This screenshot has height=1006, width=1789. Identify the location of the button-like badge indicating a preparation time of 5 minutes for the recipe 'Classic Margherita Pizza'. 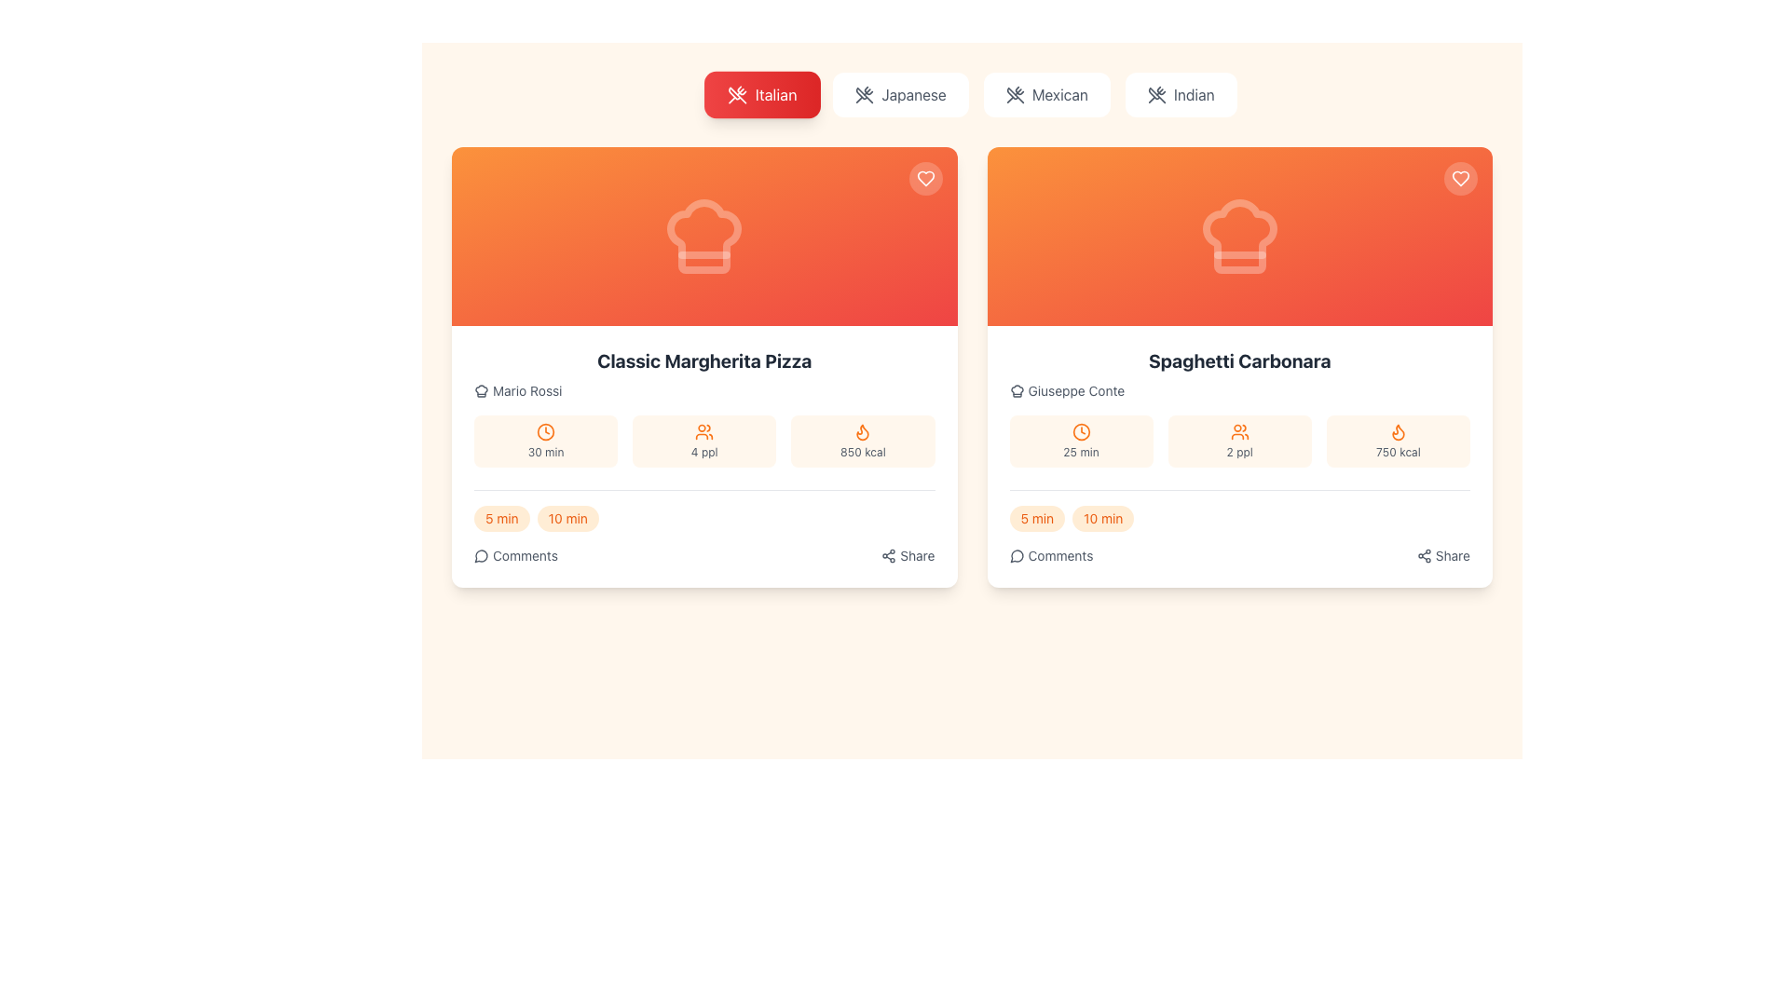
(501, 518).